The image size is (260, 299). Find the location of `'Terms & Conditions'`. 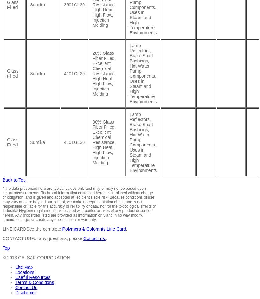

'Terms & Conditions' is located at coordinates (34, 282).